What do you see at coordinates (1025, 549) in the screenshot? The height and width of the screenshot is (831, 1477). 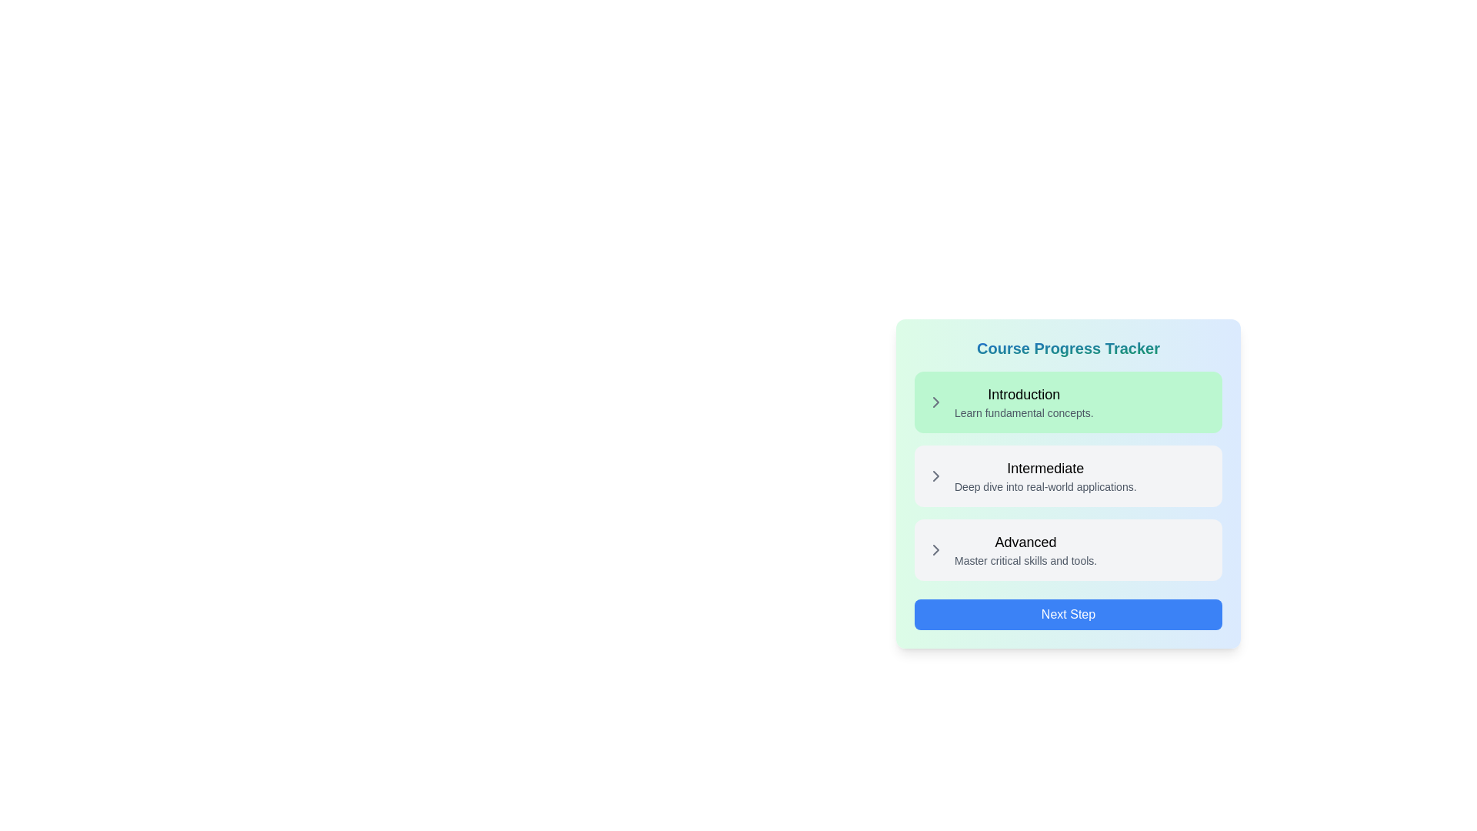 I see `the third item in the 'Course Progress Tracker' sidebar, which represents the advanced level in the course progress tracker` at bounding box center [1025, 549].